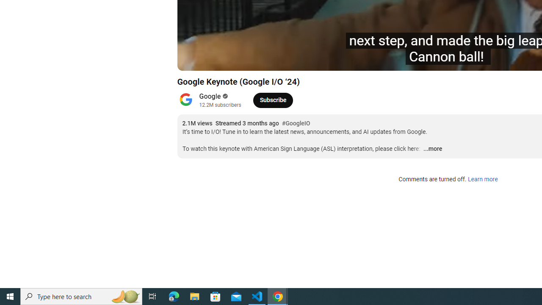  Describe the element at coordinates (273, 100) in the screenshot. I see `'Subscribe to Google.'` at that location.